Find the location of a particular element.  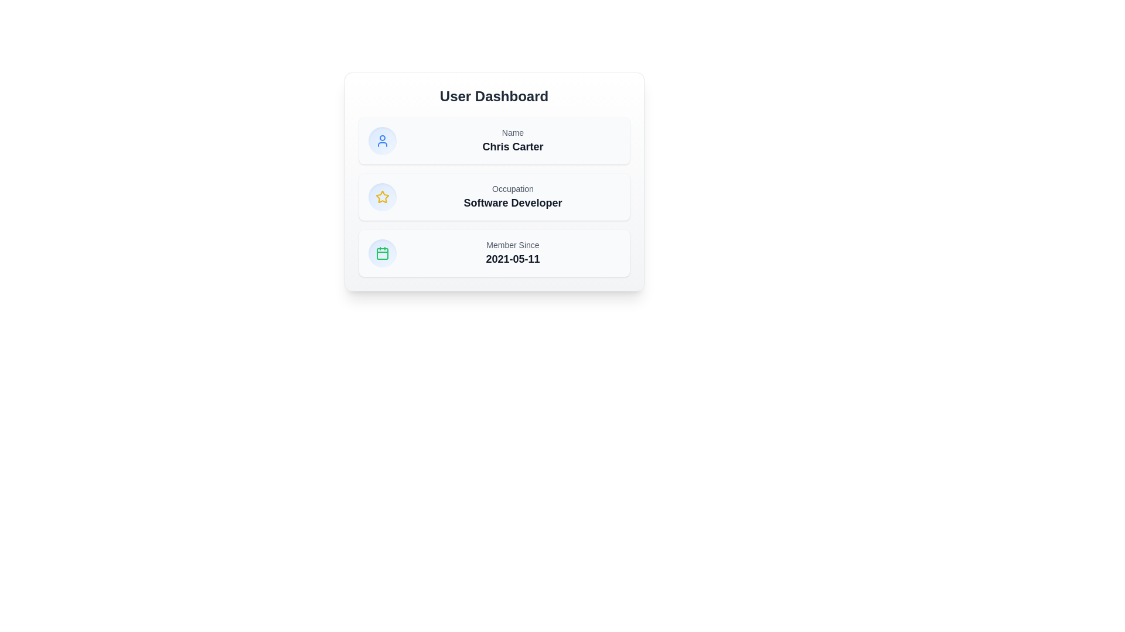

static text label 'Member Since' displayed in a small gray font, located in the bottom section of the card above the text '2021-05-11' is located at coordinates (513, 245).